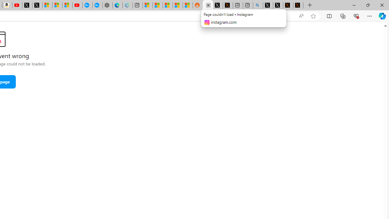  What do you see at coordinates (298, 5) in the screenshot?
I see `'X Privacy Policy'` at bounding box center [298, 5].